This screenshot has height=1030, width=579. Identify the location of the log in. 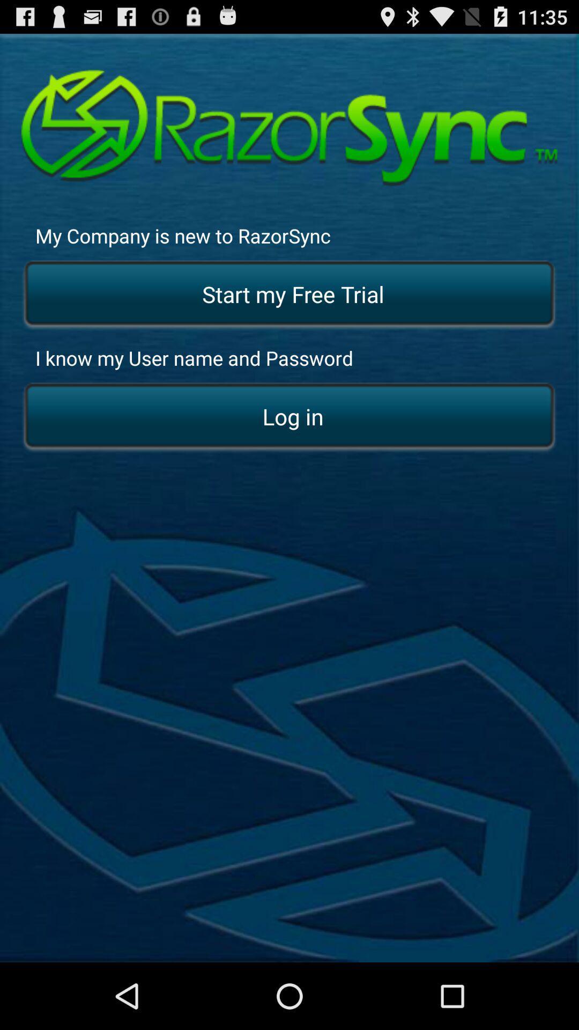
(289, 417).